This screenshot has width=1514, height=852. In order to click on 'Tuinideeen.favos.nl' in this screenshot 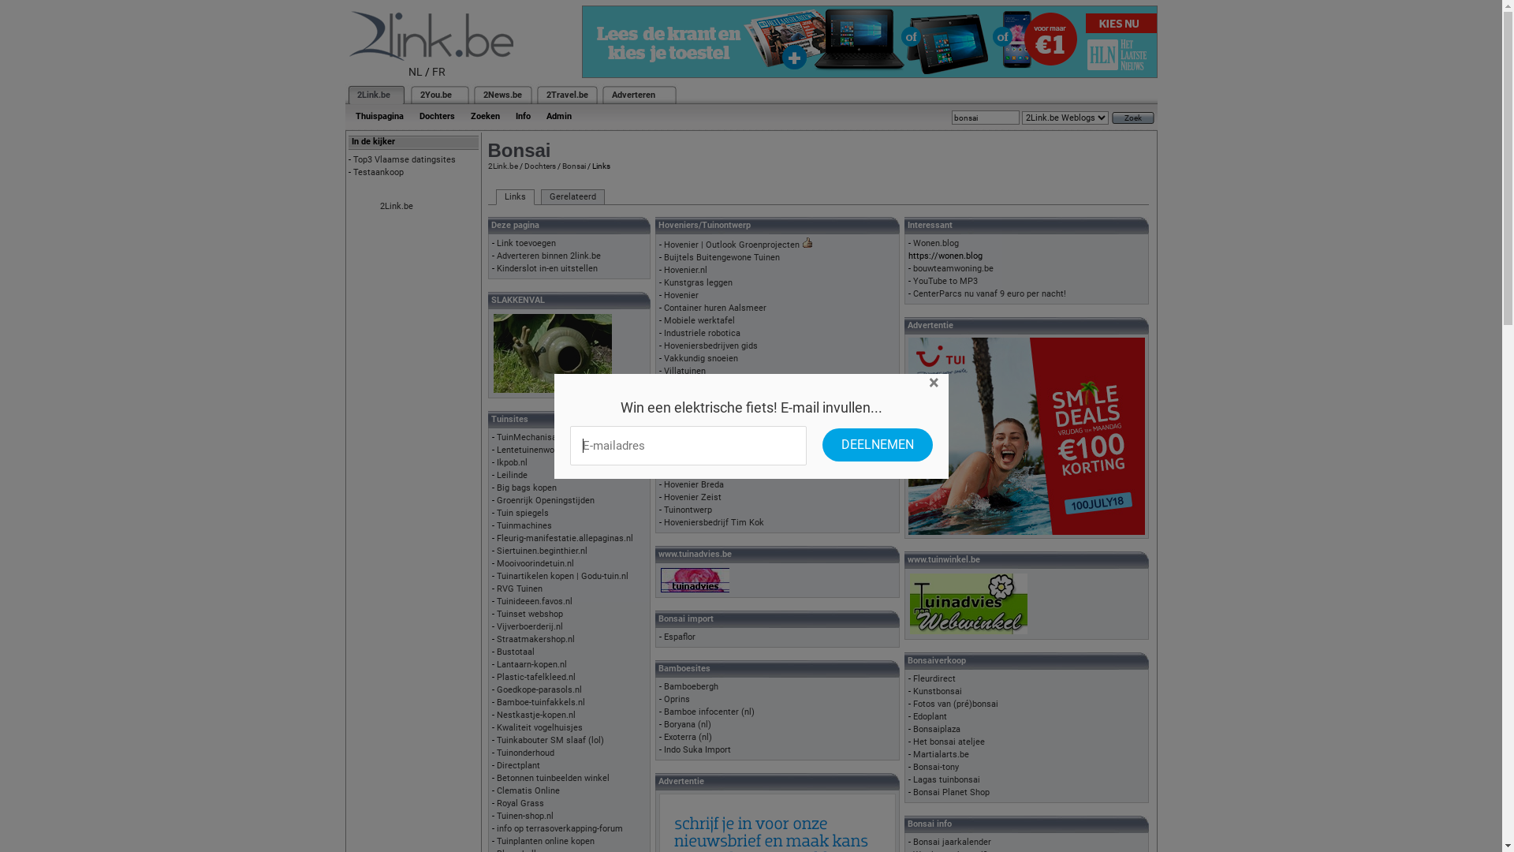, I will do `click(495, 601)`.